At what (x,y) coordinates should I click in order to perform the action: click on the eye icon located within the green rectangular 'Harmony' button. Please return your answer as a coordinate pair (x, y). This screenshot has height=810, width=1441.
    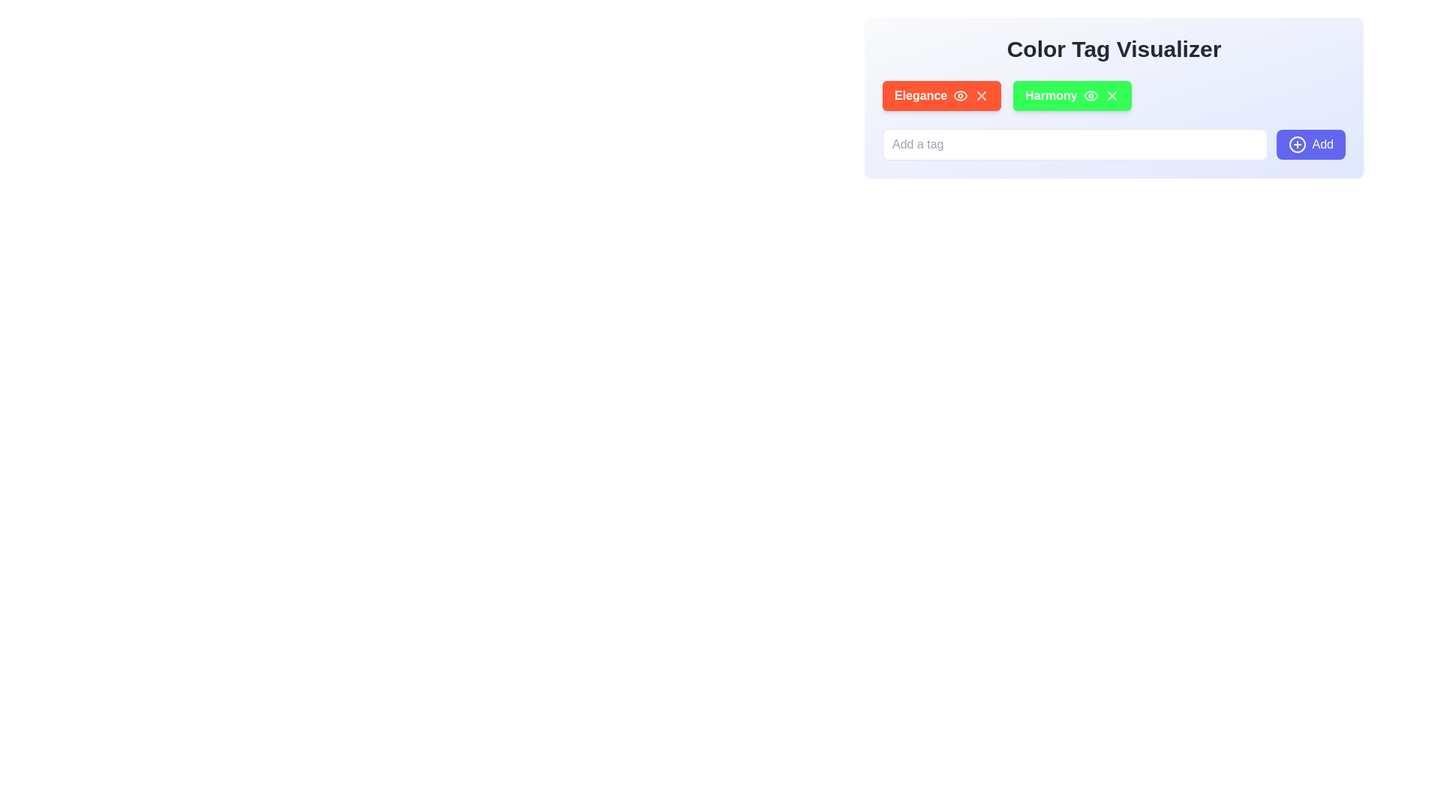
    Looking at the image, I should click on (1091, 95).